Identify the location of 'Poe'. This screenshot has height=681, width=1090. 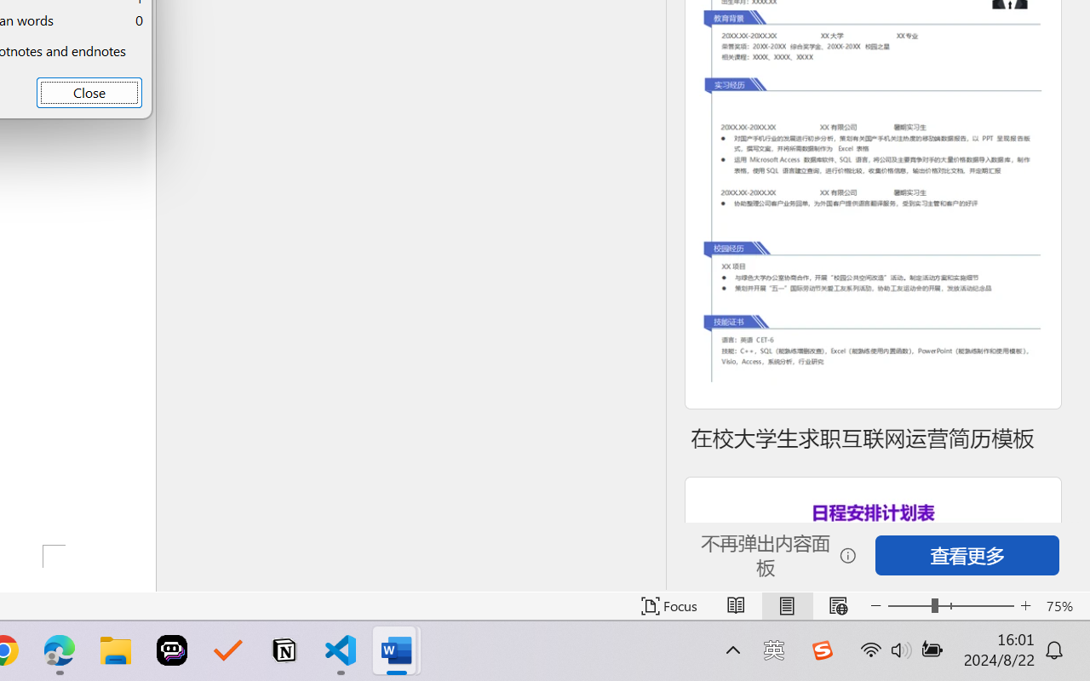
(172, 650).